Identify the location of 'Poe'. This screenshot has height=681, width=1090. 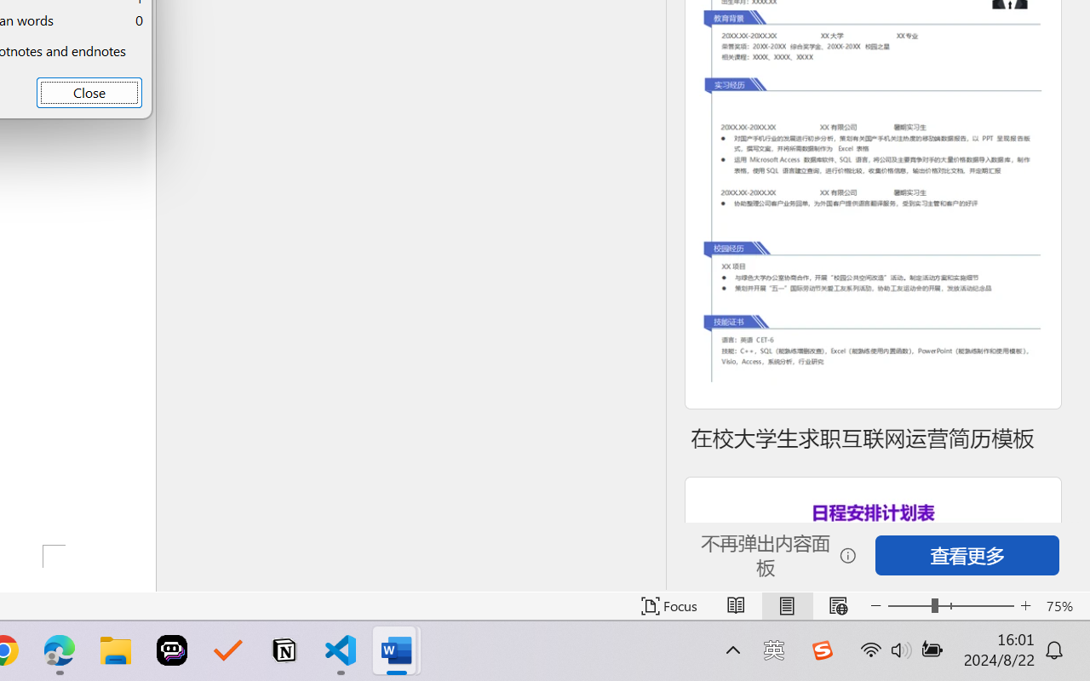
(172, 650).